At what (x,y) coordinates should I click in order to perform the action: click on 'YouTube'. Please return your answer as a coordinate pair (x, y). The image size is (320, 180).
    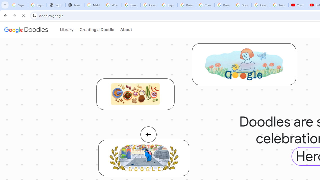
    Looking at the image, I should click on (298, 5).